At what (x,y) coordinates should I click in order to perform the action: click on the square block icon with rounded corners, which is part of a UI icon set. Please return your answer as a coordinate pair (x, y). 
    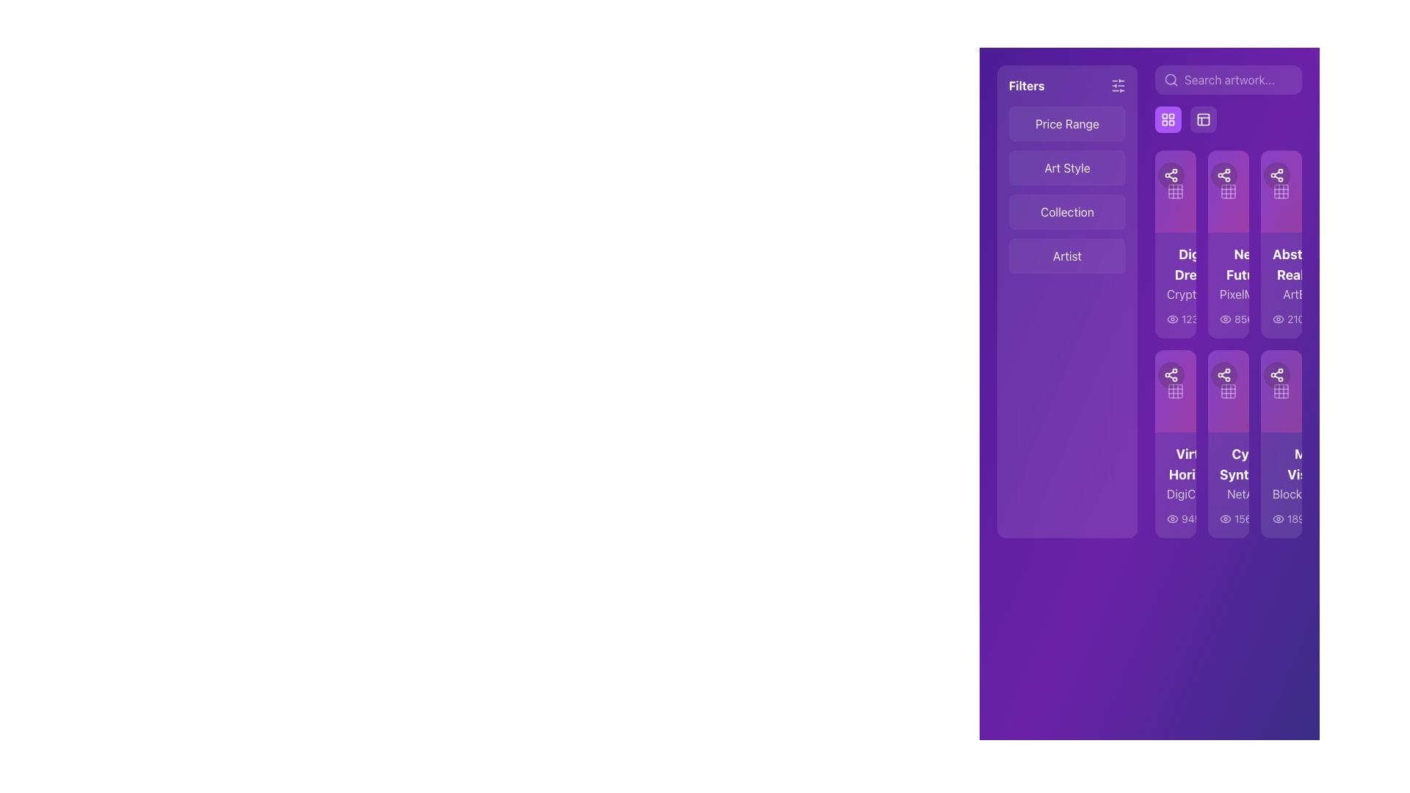
    Looking at the image, I should click on (1176, 191).